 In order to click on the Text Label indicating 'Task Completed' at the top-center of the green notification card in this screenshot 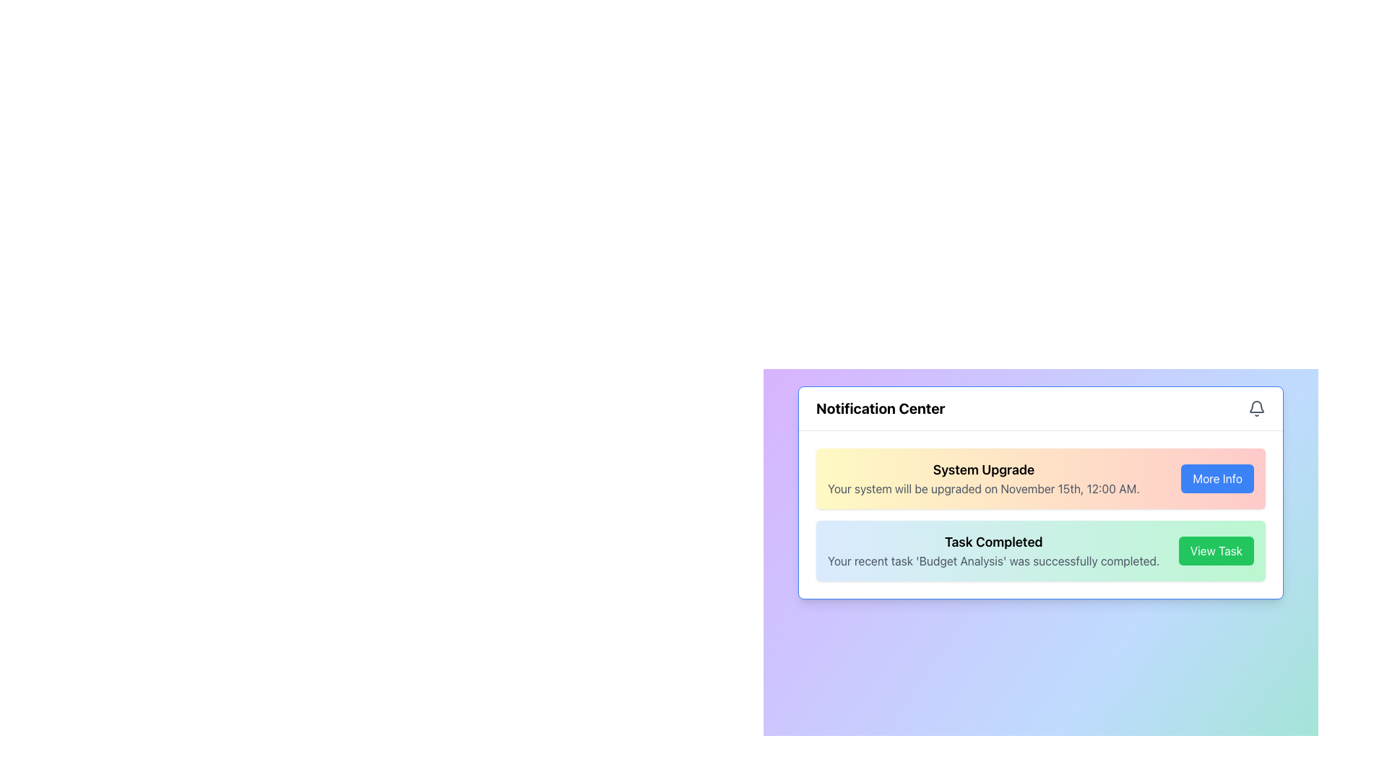, I will do `click(993, 542)`.